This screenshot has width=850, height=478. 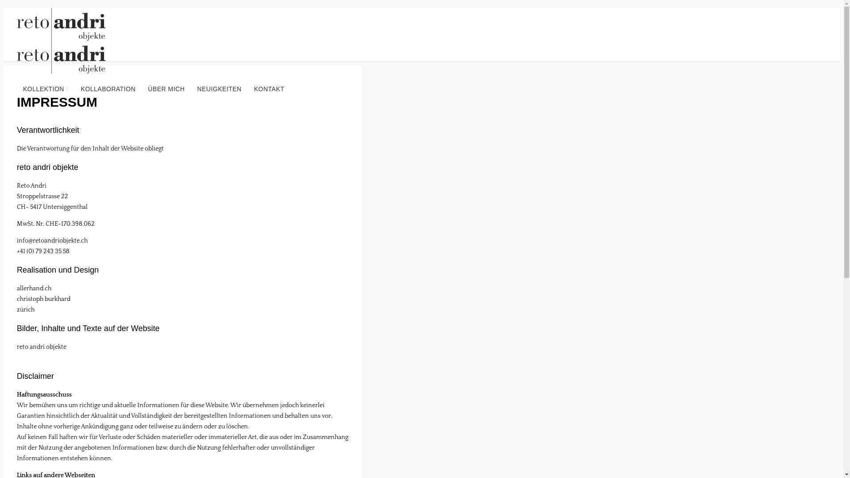 What do you see at coordinates (108, 89) in the screenshot?
I see `'KOLLABORATION'` at bounding box center [108, 89].